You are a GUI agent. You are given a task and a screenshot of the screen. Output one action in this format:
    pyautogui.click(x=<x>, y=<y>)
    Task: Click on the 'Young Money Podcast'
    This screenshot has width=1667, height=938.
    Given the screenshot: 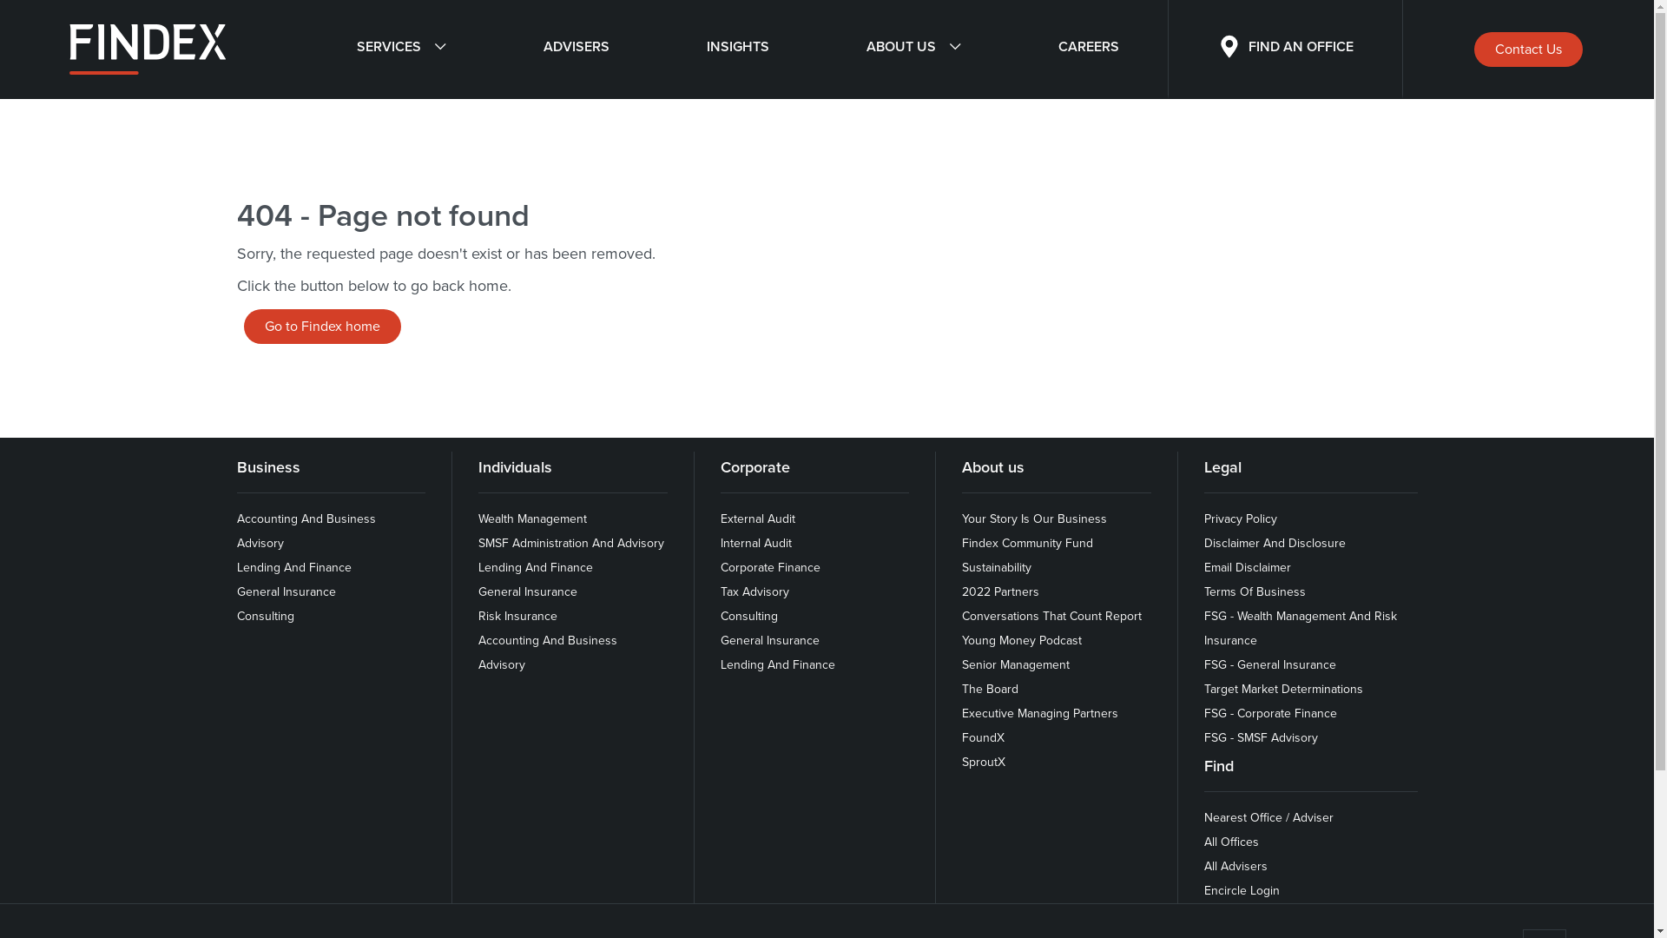 What is the action you would take?
    pyautogui.click(x=1021, y=640)
    